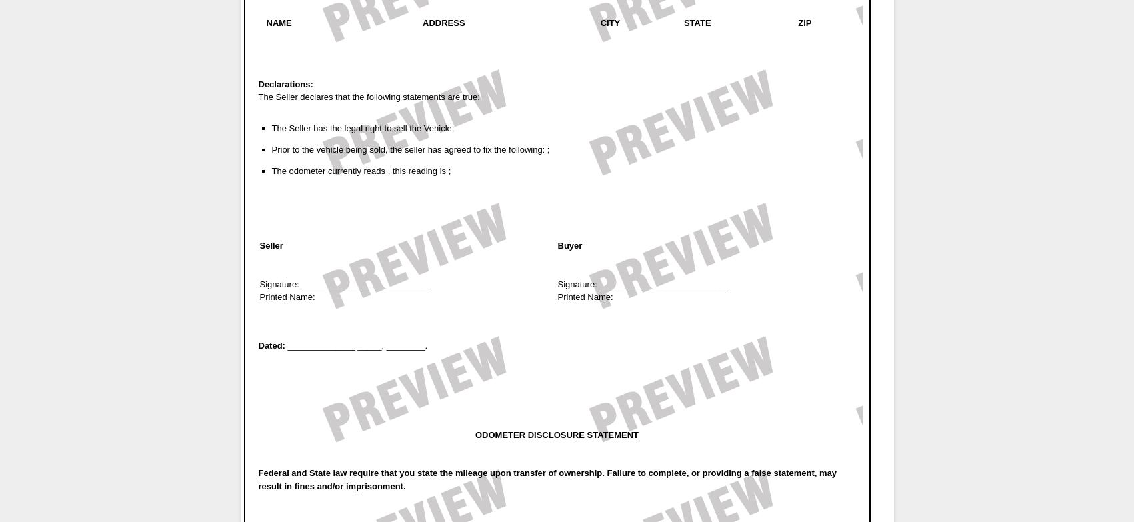 This screenshot has height=522, width=1134. I want to click on 'The Seller declares that the following statements are true:', so click(257, 96).